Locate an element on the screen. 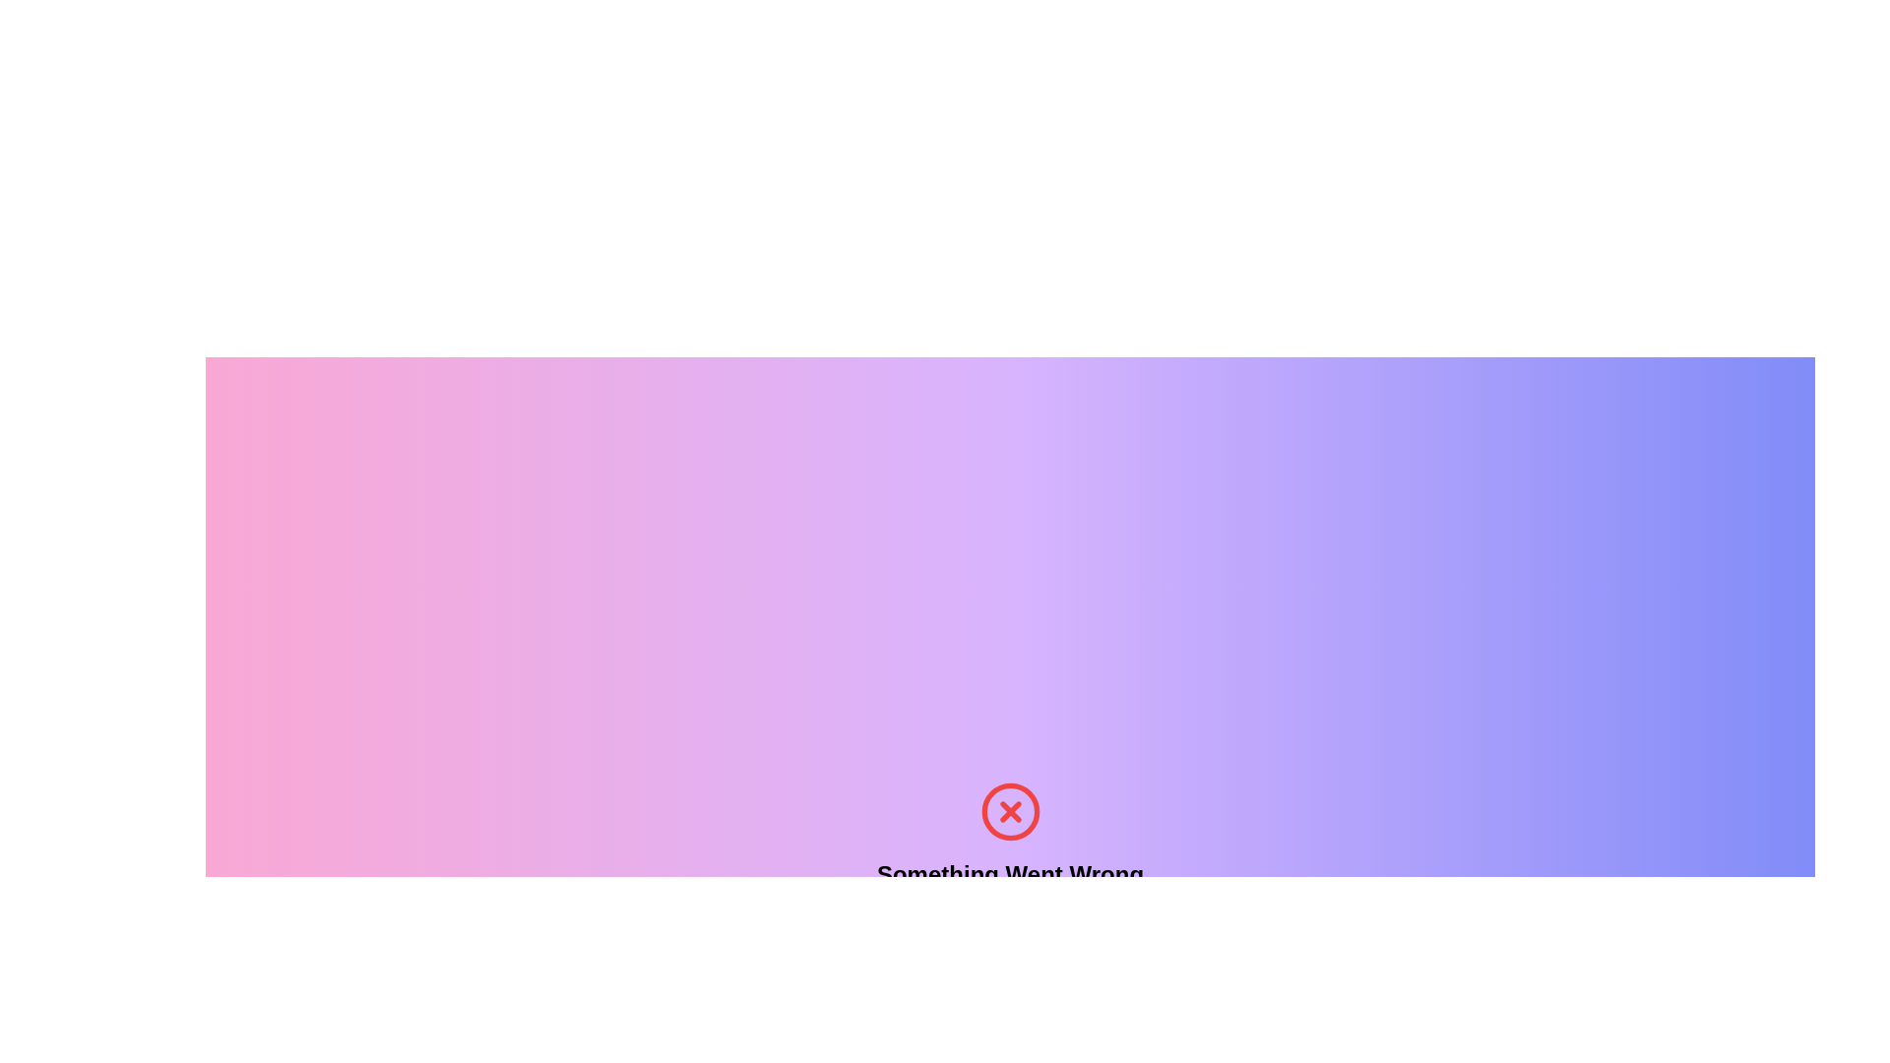  the error icon, which is a vector graphic indicating a problem, located above the 'Something Went Wrong' text in a circular component is located at coordinates (1010, 812).